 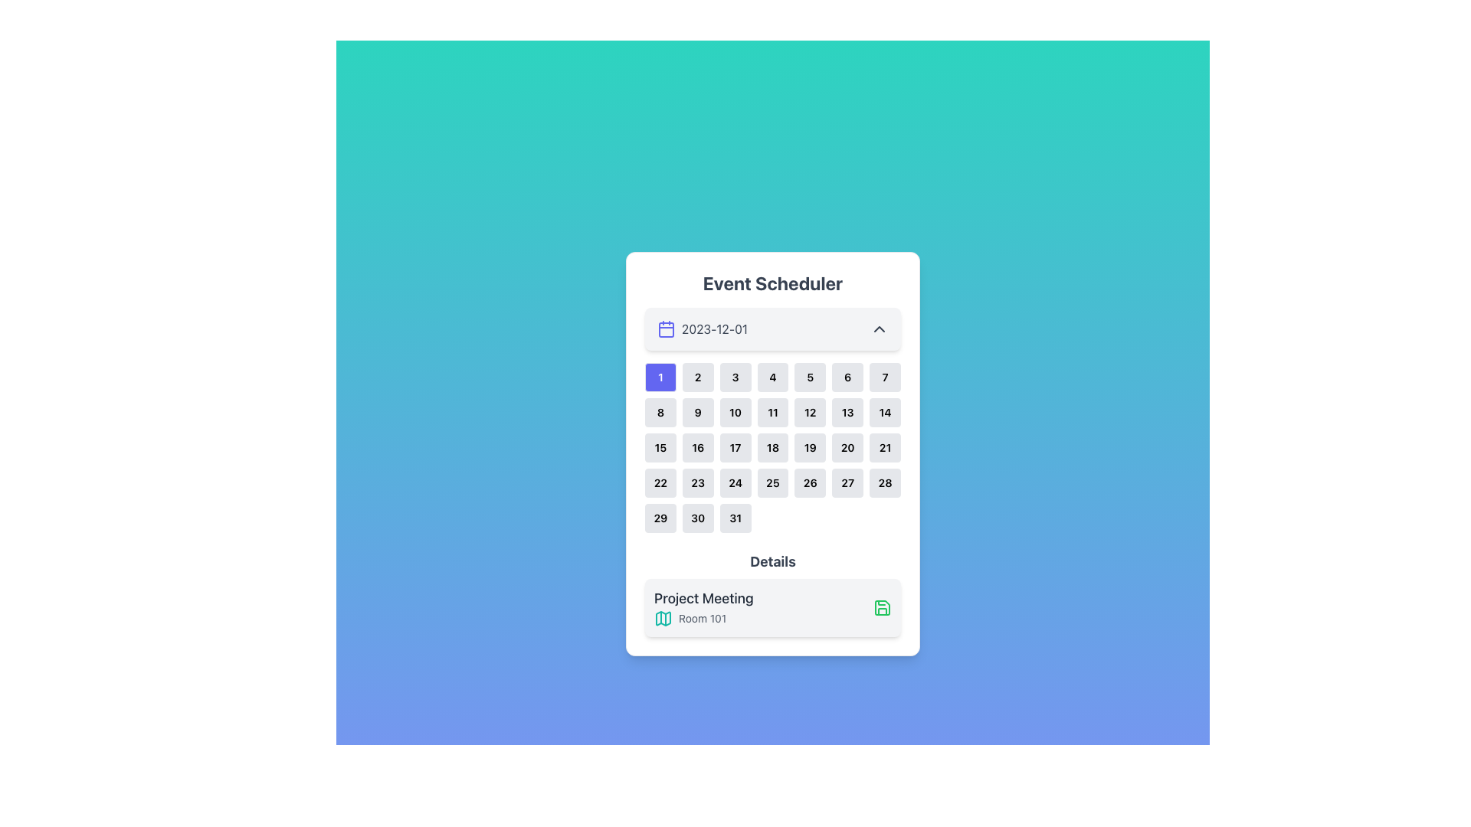 What do you see at coordinates (808, 448) in the screenshot?
I see `the interactive calendar tile representing the 19th day of the month` at bounding box center [808, 448].